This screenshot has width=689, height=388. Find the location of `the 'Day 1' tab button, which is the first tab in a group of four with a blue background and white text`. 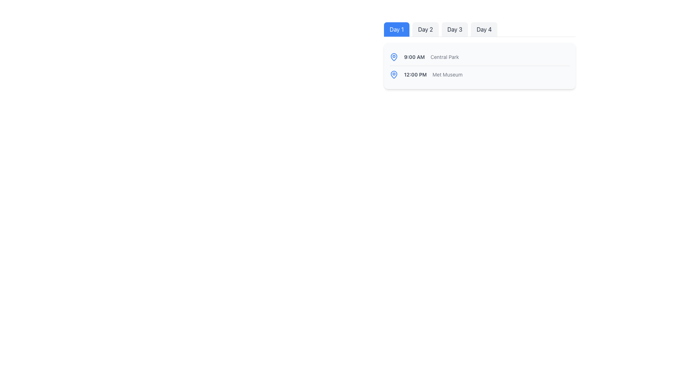

the 'Day 1' tab button, which is the first tab in a group of four with a blue background and white text is located at coordinates (396, 29).